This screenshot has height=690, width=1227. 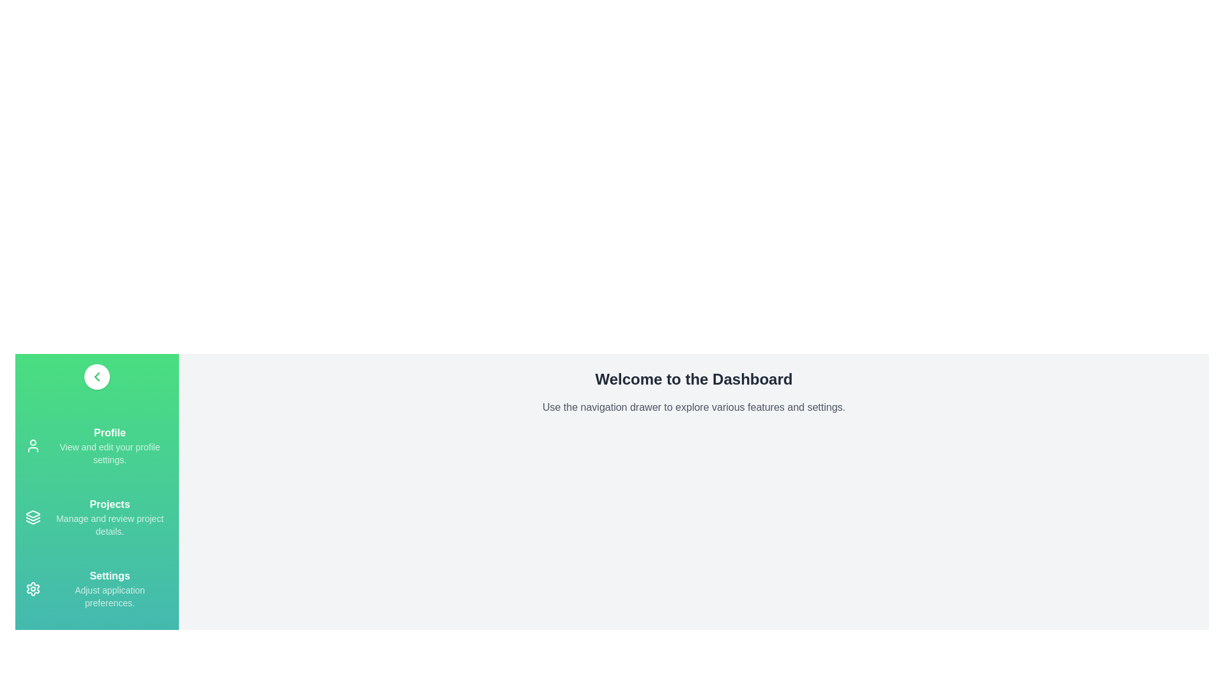 I want to click on the menu item Projects from the navigation drawer, so click(x=96, y=517).